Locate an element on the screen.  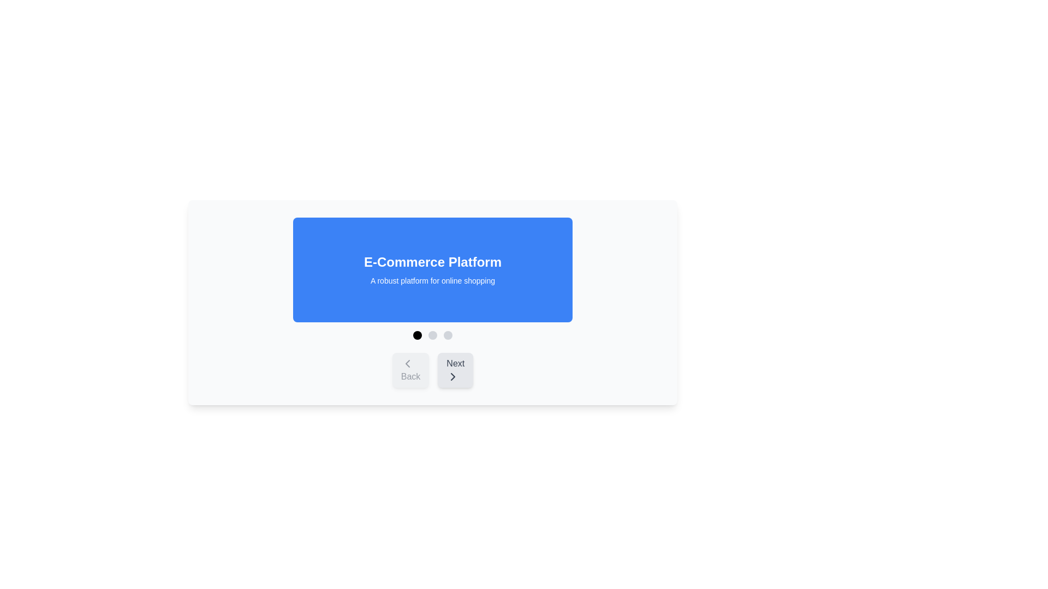
the small circular button with a light gray background to visualize its state change is located at coordinates (448, 334).